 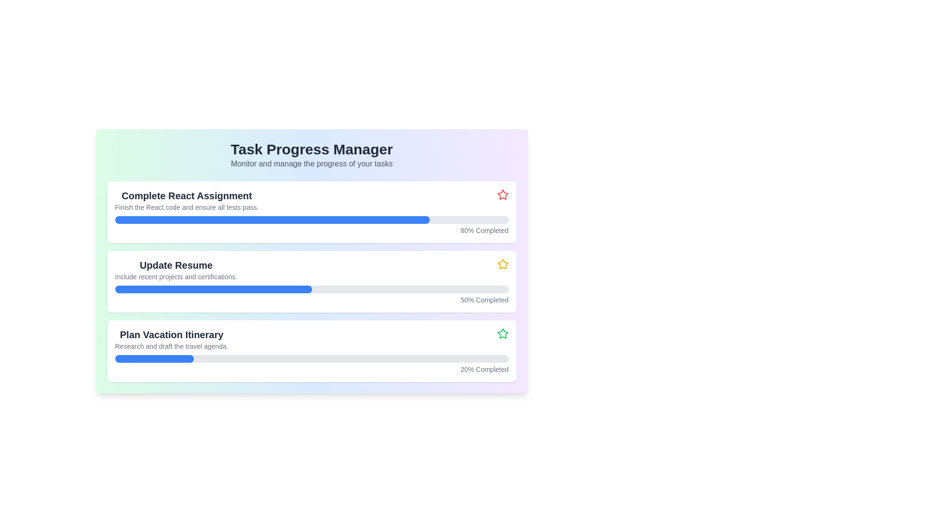 I want to click on the text block titled 'Update Resume', which includes the subtitle 'Include recent projects and certifications', located in the Task Progress Manager interface, so click(x=176, y=270).